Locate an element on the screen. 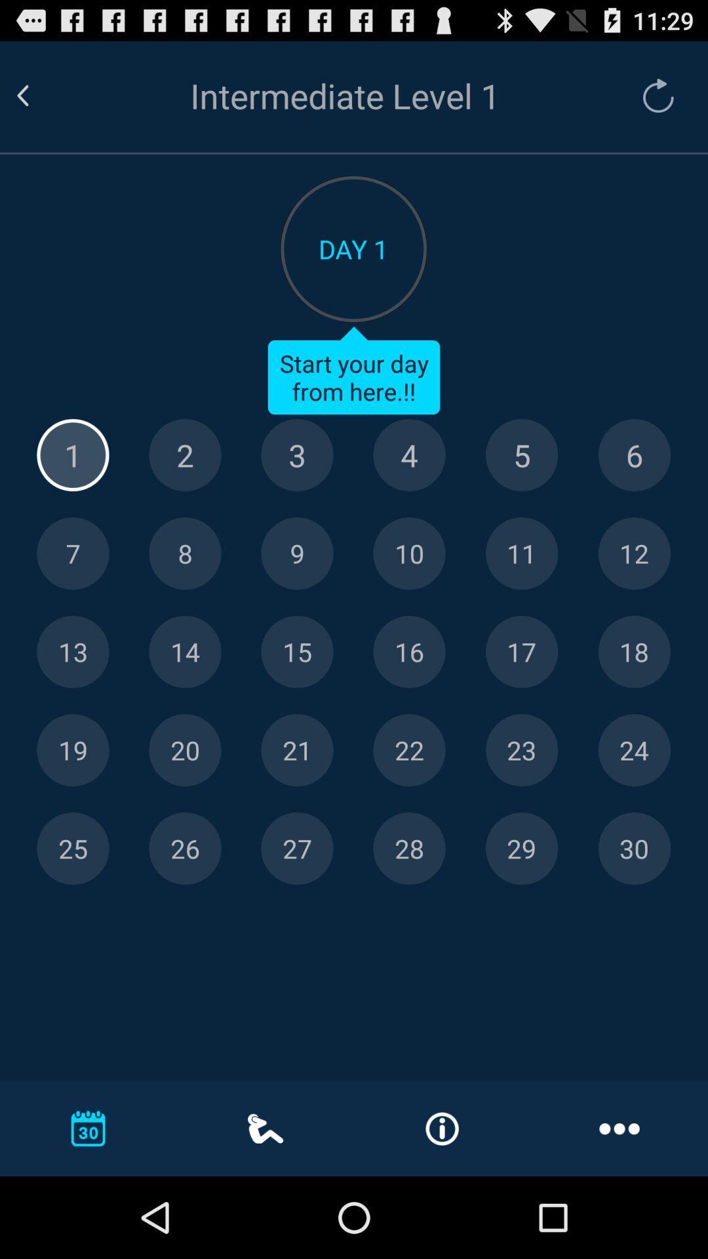  day 3 is located at coordinates (297, 455).